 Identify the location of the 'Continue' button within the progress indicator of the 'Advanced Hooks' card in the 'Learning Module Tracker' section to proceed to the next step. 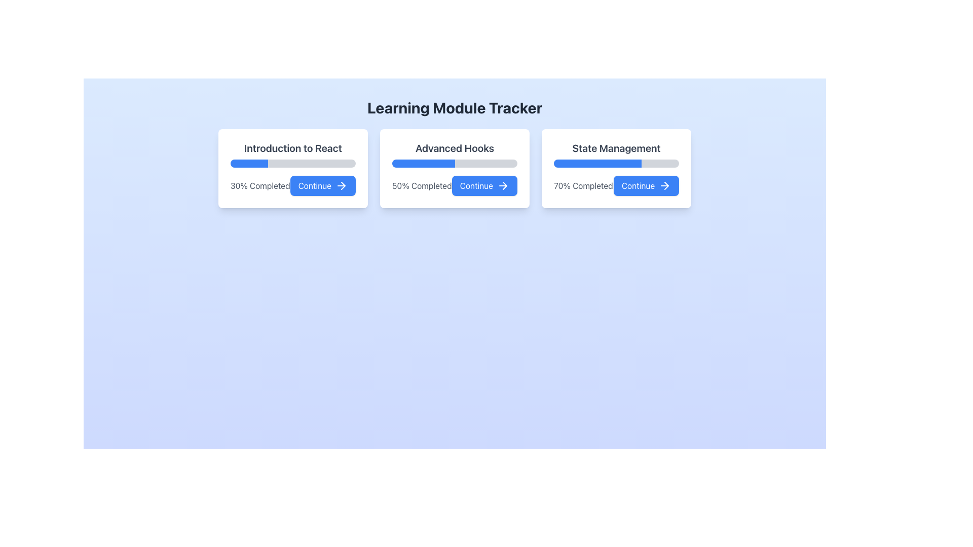
(454, 185).